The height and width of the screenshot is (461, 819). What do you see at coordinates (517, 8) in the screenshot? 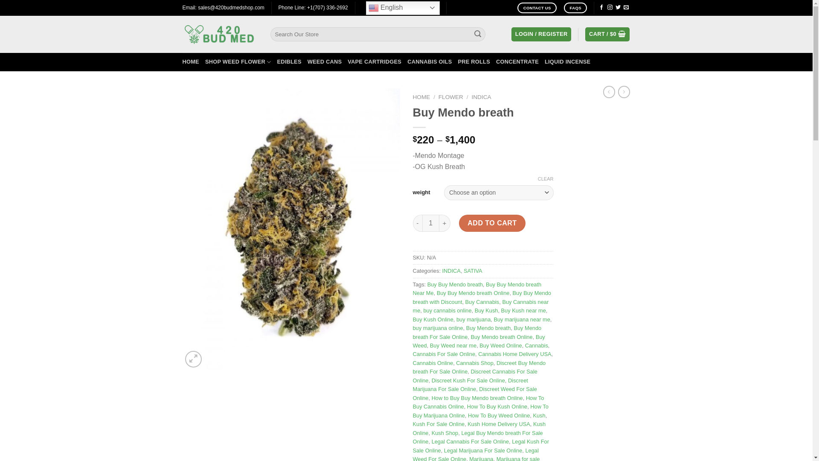
I see `'CONTACT US'` at bounding box center [517, 8].